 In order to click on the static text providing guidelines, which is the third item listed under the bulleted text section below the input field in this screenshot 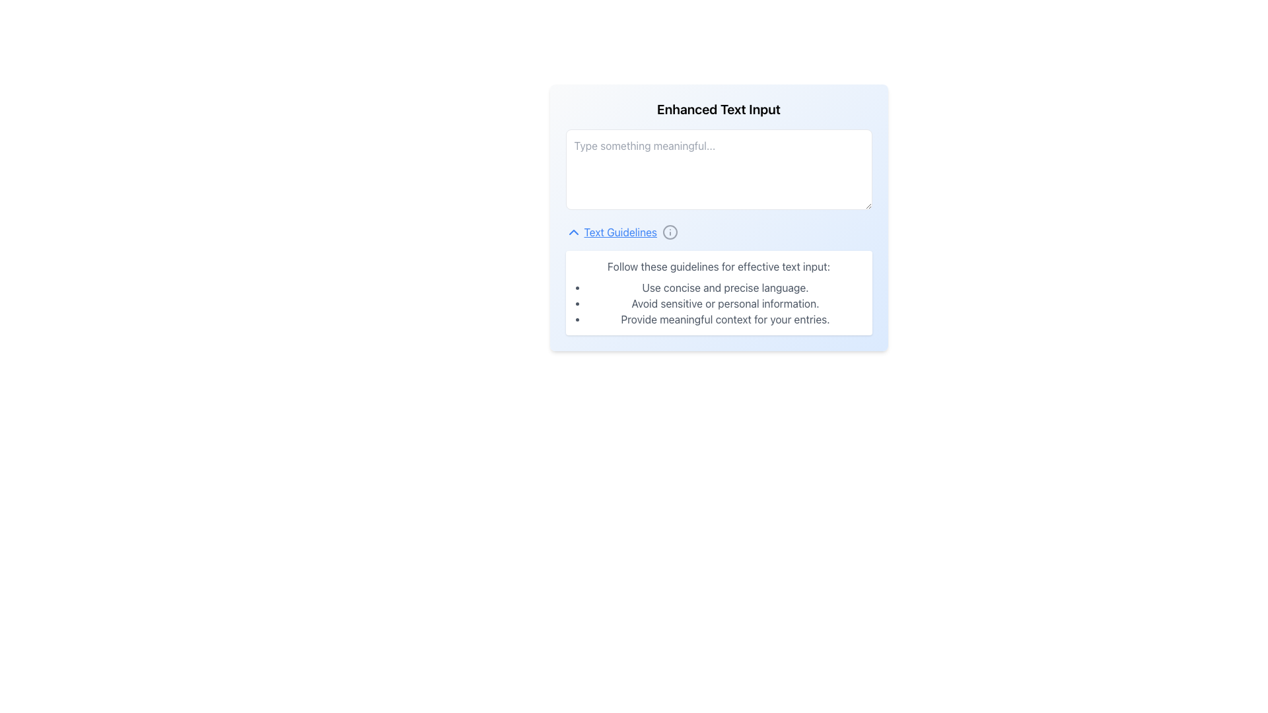, I will do `click(724, 319)`.